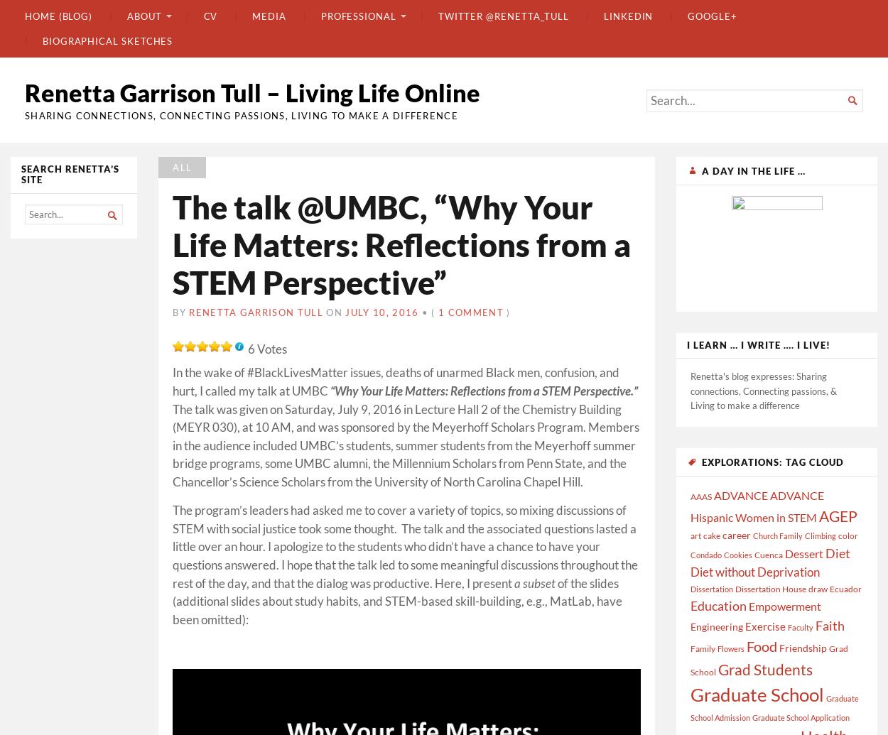 The image size is (888, 735). I want to click on 'AGEP', so click(838, 514).